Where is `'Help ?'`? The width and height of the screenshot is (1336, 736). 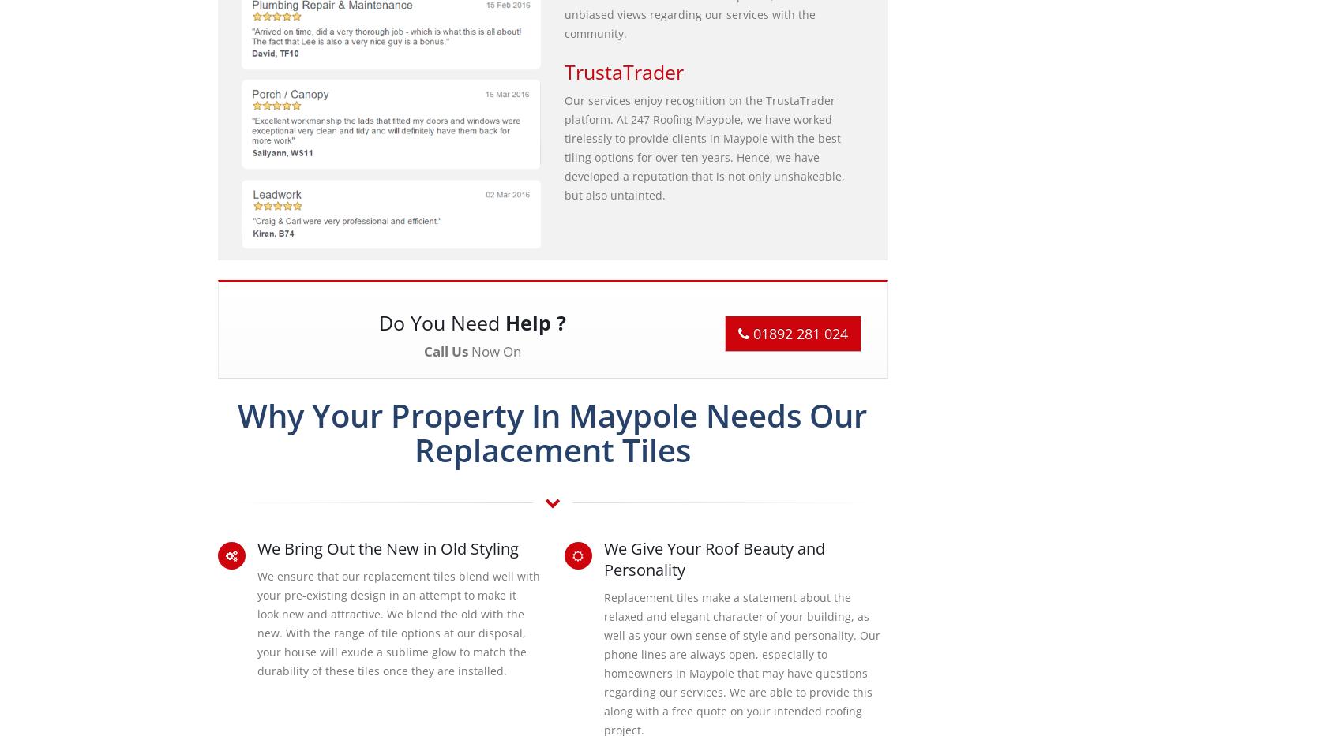
'Help ?' is located at coordinates (535, 322).